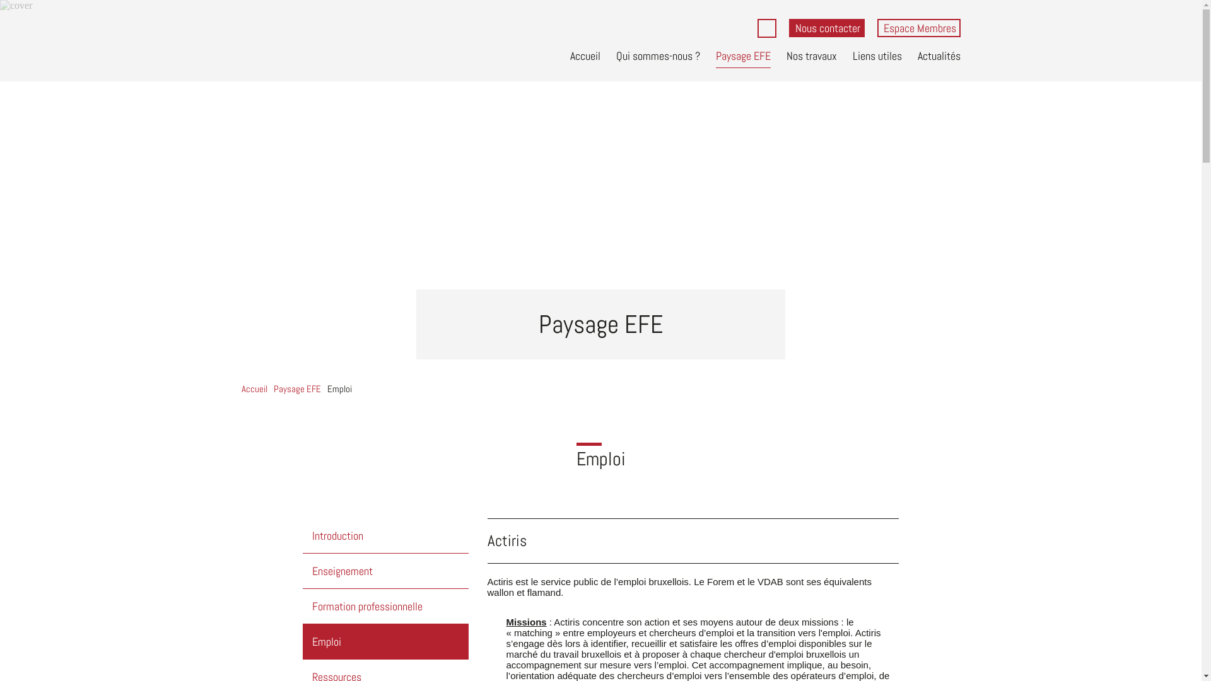 The width and height of the screenshot is (1211, 681). What do you see at coordinates (253, 388) in the screenshot?
I see `'Accueil'` at bounding box center [253, 388].